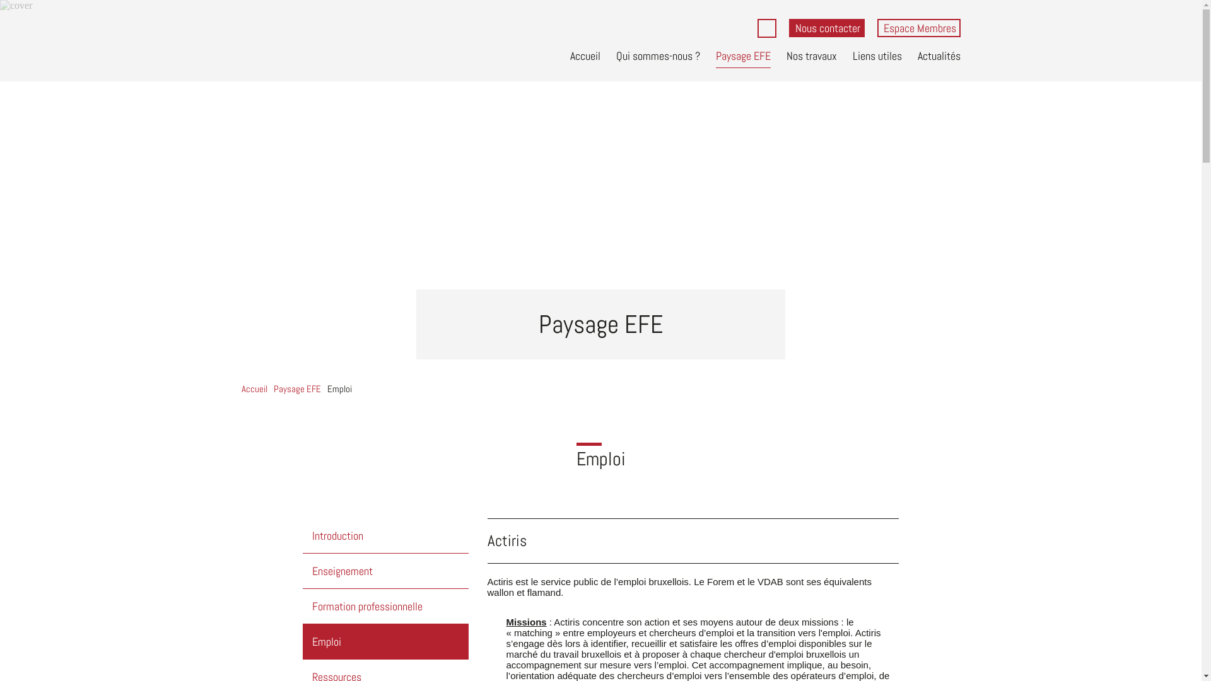 The width and height of the screenshot is (1211, 681). What do you see at coordinates (253, 388) in the screenshot?
I see `'Accueil'` at bounding box center [253, 388].